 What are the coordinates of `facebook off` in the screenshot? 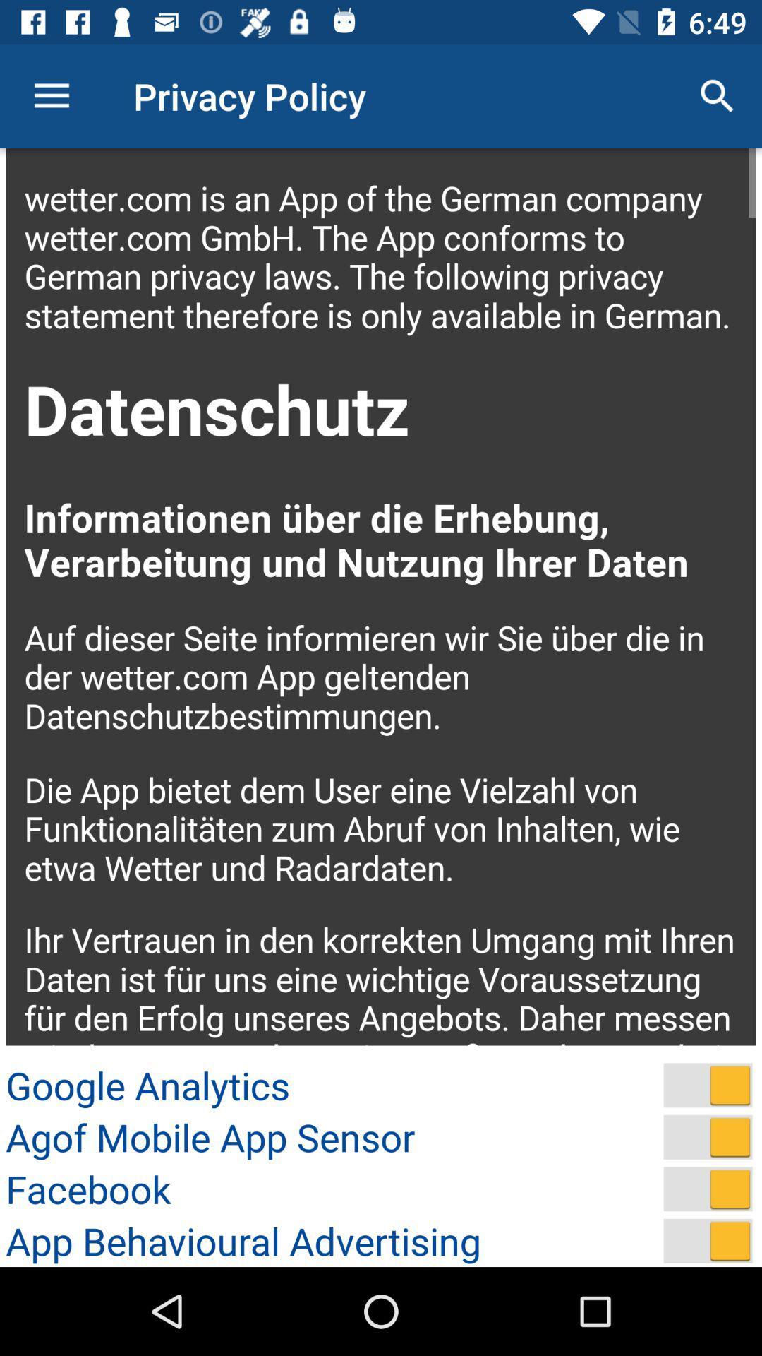 It's located at (708, 1188).